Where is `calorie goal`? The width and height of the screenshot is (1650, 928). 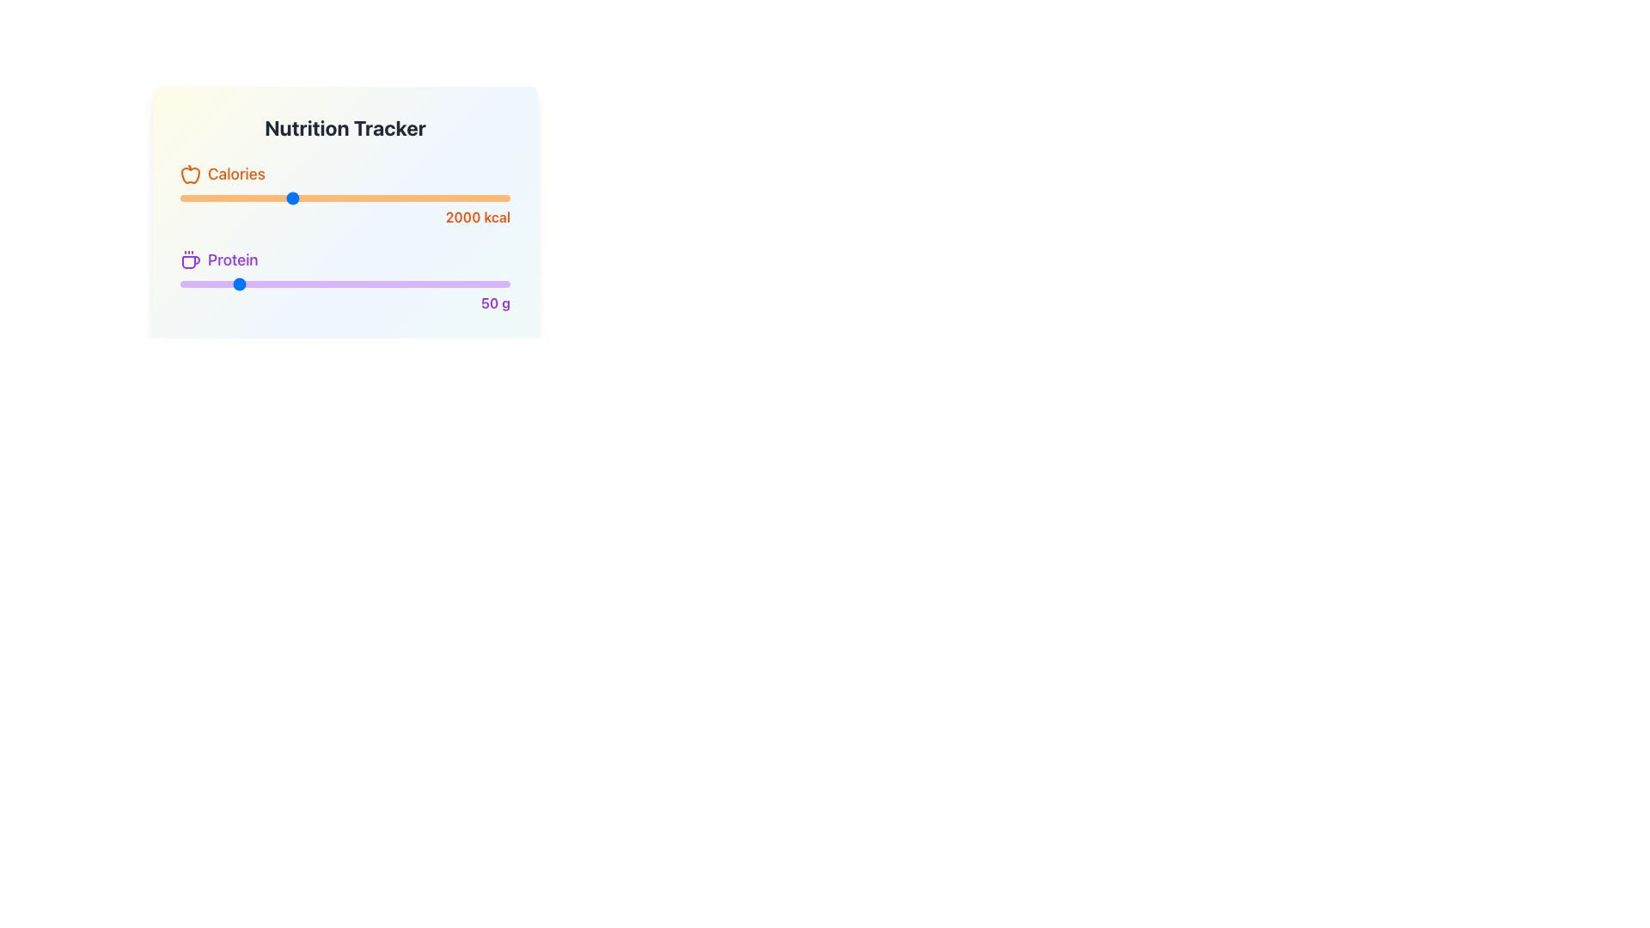
calorie goal is located at coordinates (336, 198).